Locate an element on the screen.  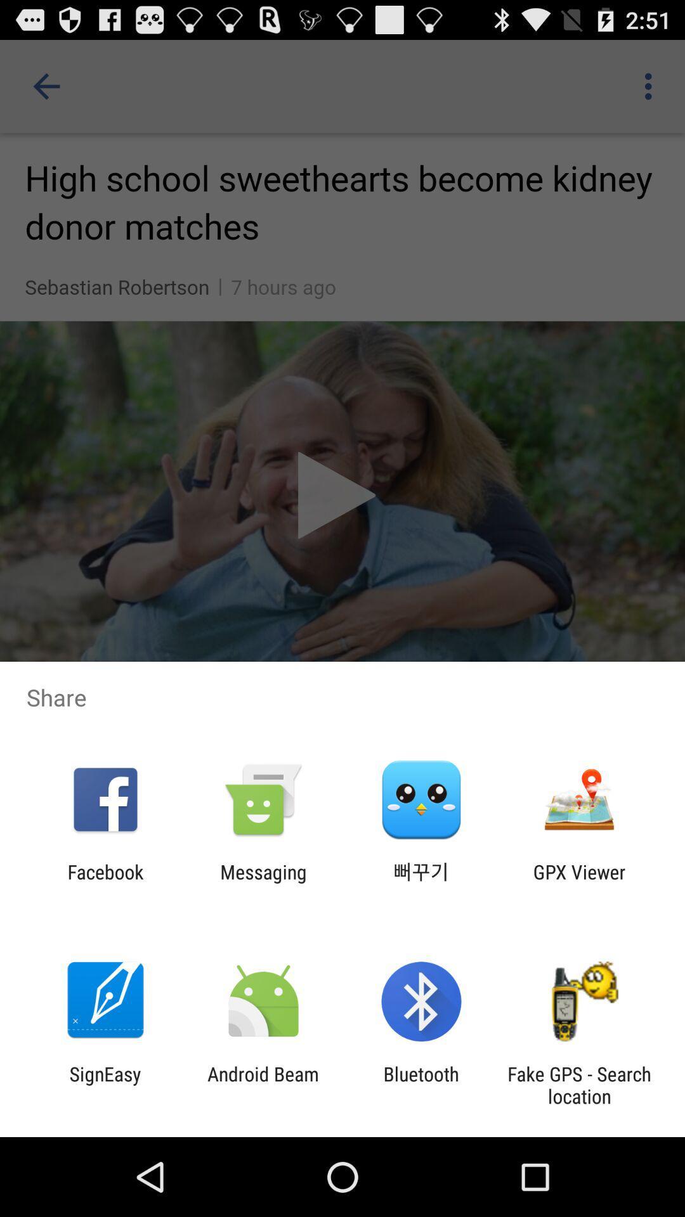
the gpx viewer icon is located at coordinates (579, 882).